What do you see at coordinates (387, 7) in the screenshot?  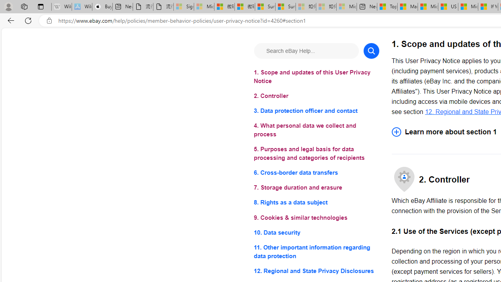 I see `'Top Stories - MSN'` at bounding box center [387, 7].